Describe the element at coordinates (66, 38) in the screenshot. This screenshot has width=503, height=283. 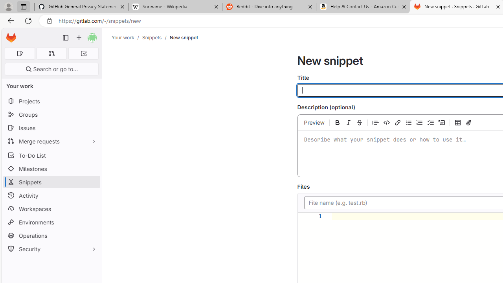
I see `'Primary navigation sidebar'` at that location.